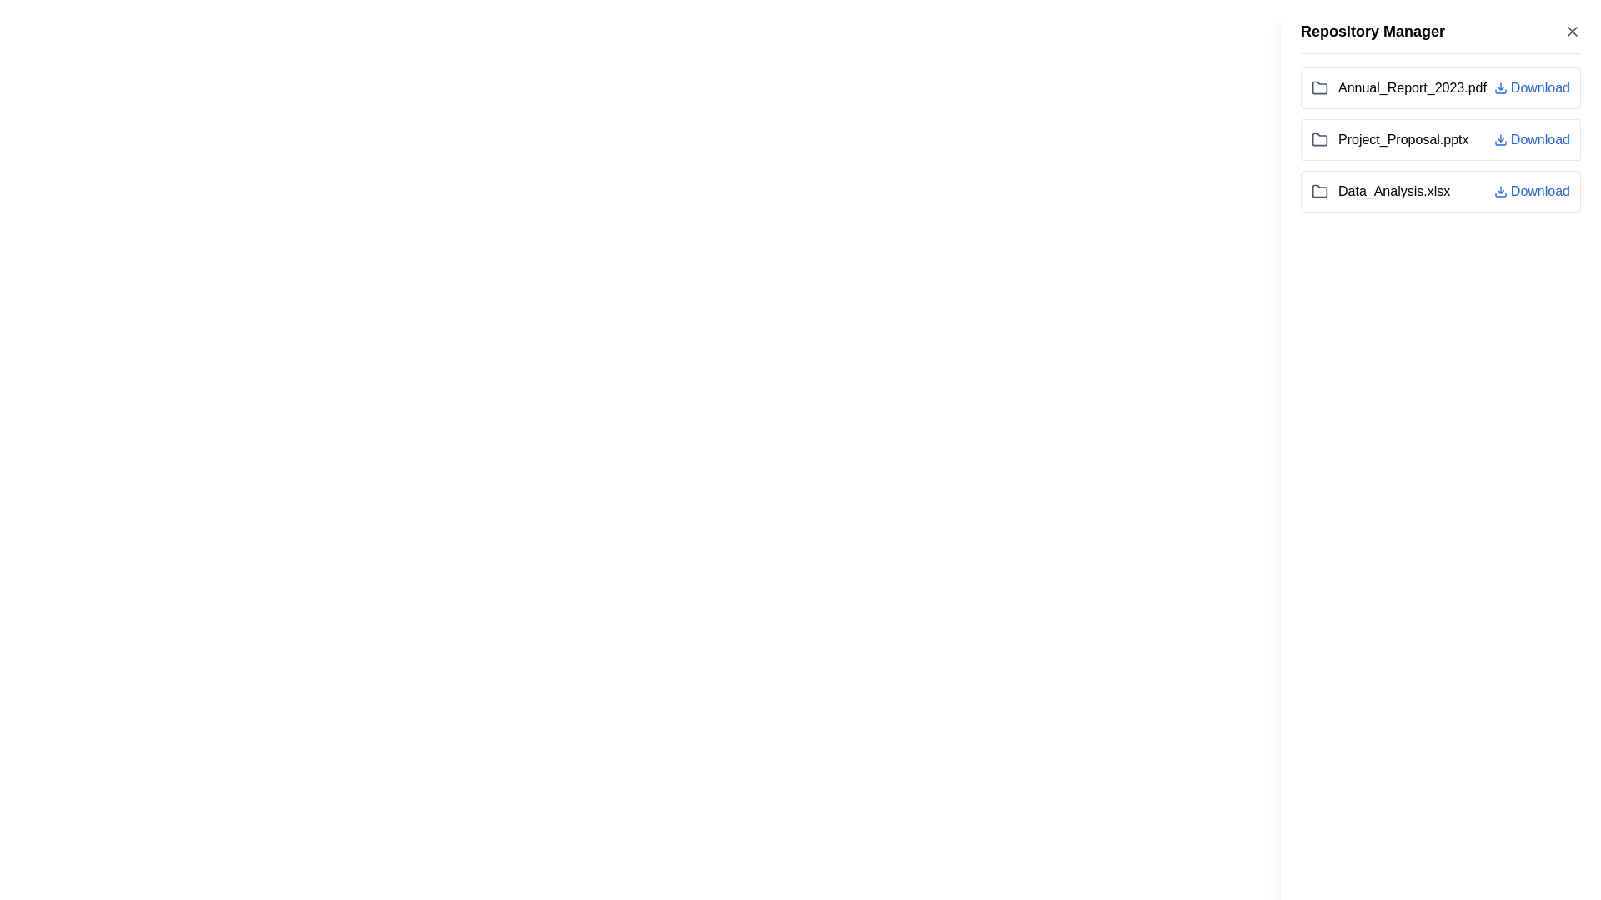 The height and width of the screenshot is (900, 1601). Describe the element at coordinates (1500, 191) in the screenshot. I see `the download icon represented by a downward-pointing arrow with a blue outline to initiate the download of the file labeled 'Data_Analysis.xlsx'` at that location.